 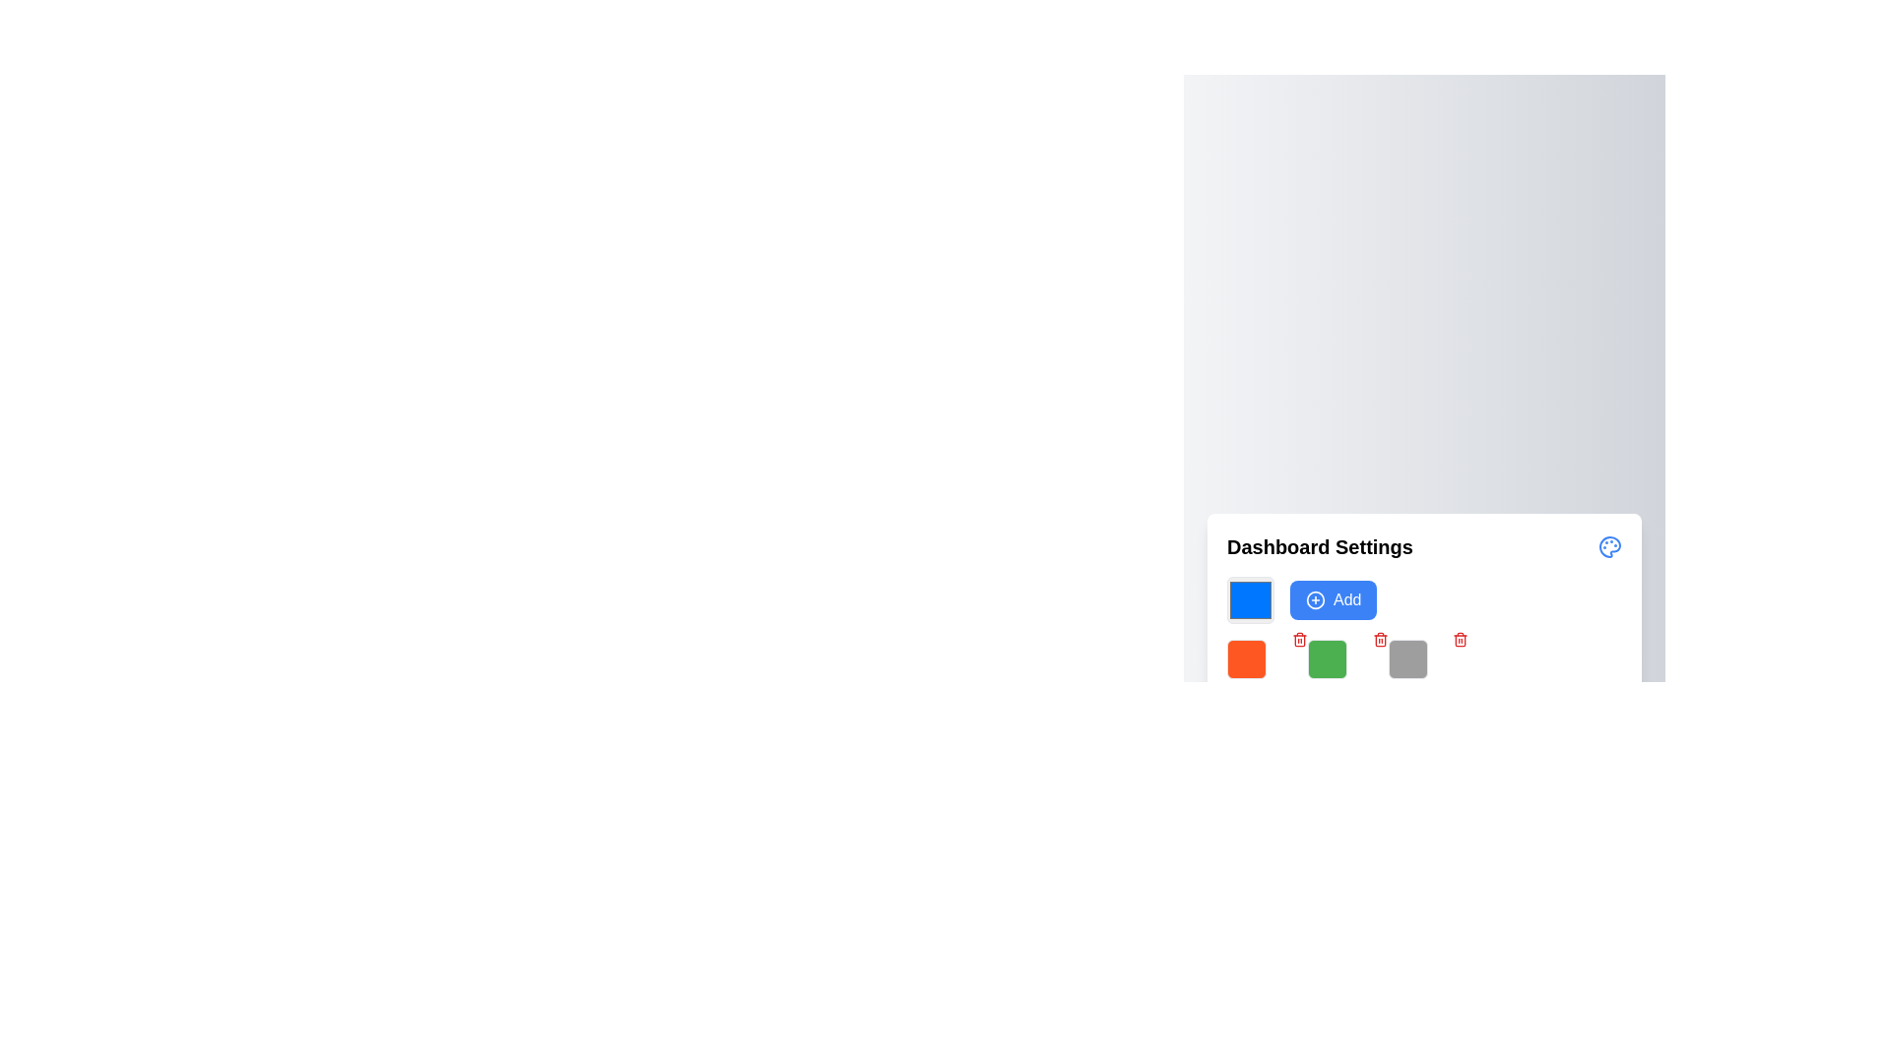 I want to click on the button in the 'Dashboard Settings' area located, so click(x=1406, y=659).